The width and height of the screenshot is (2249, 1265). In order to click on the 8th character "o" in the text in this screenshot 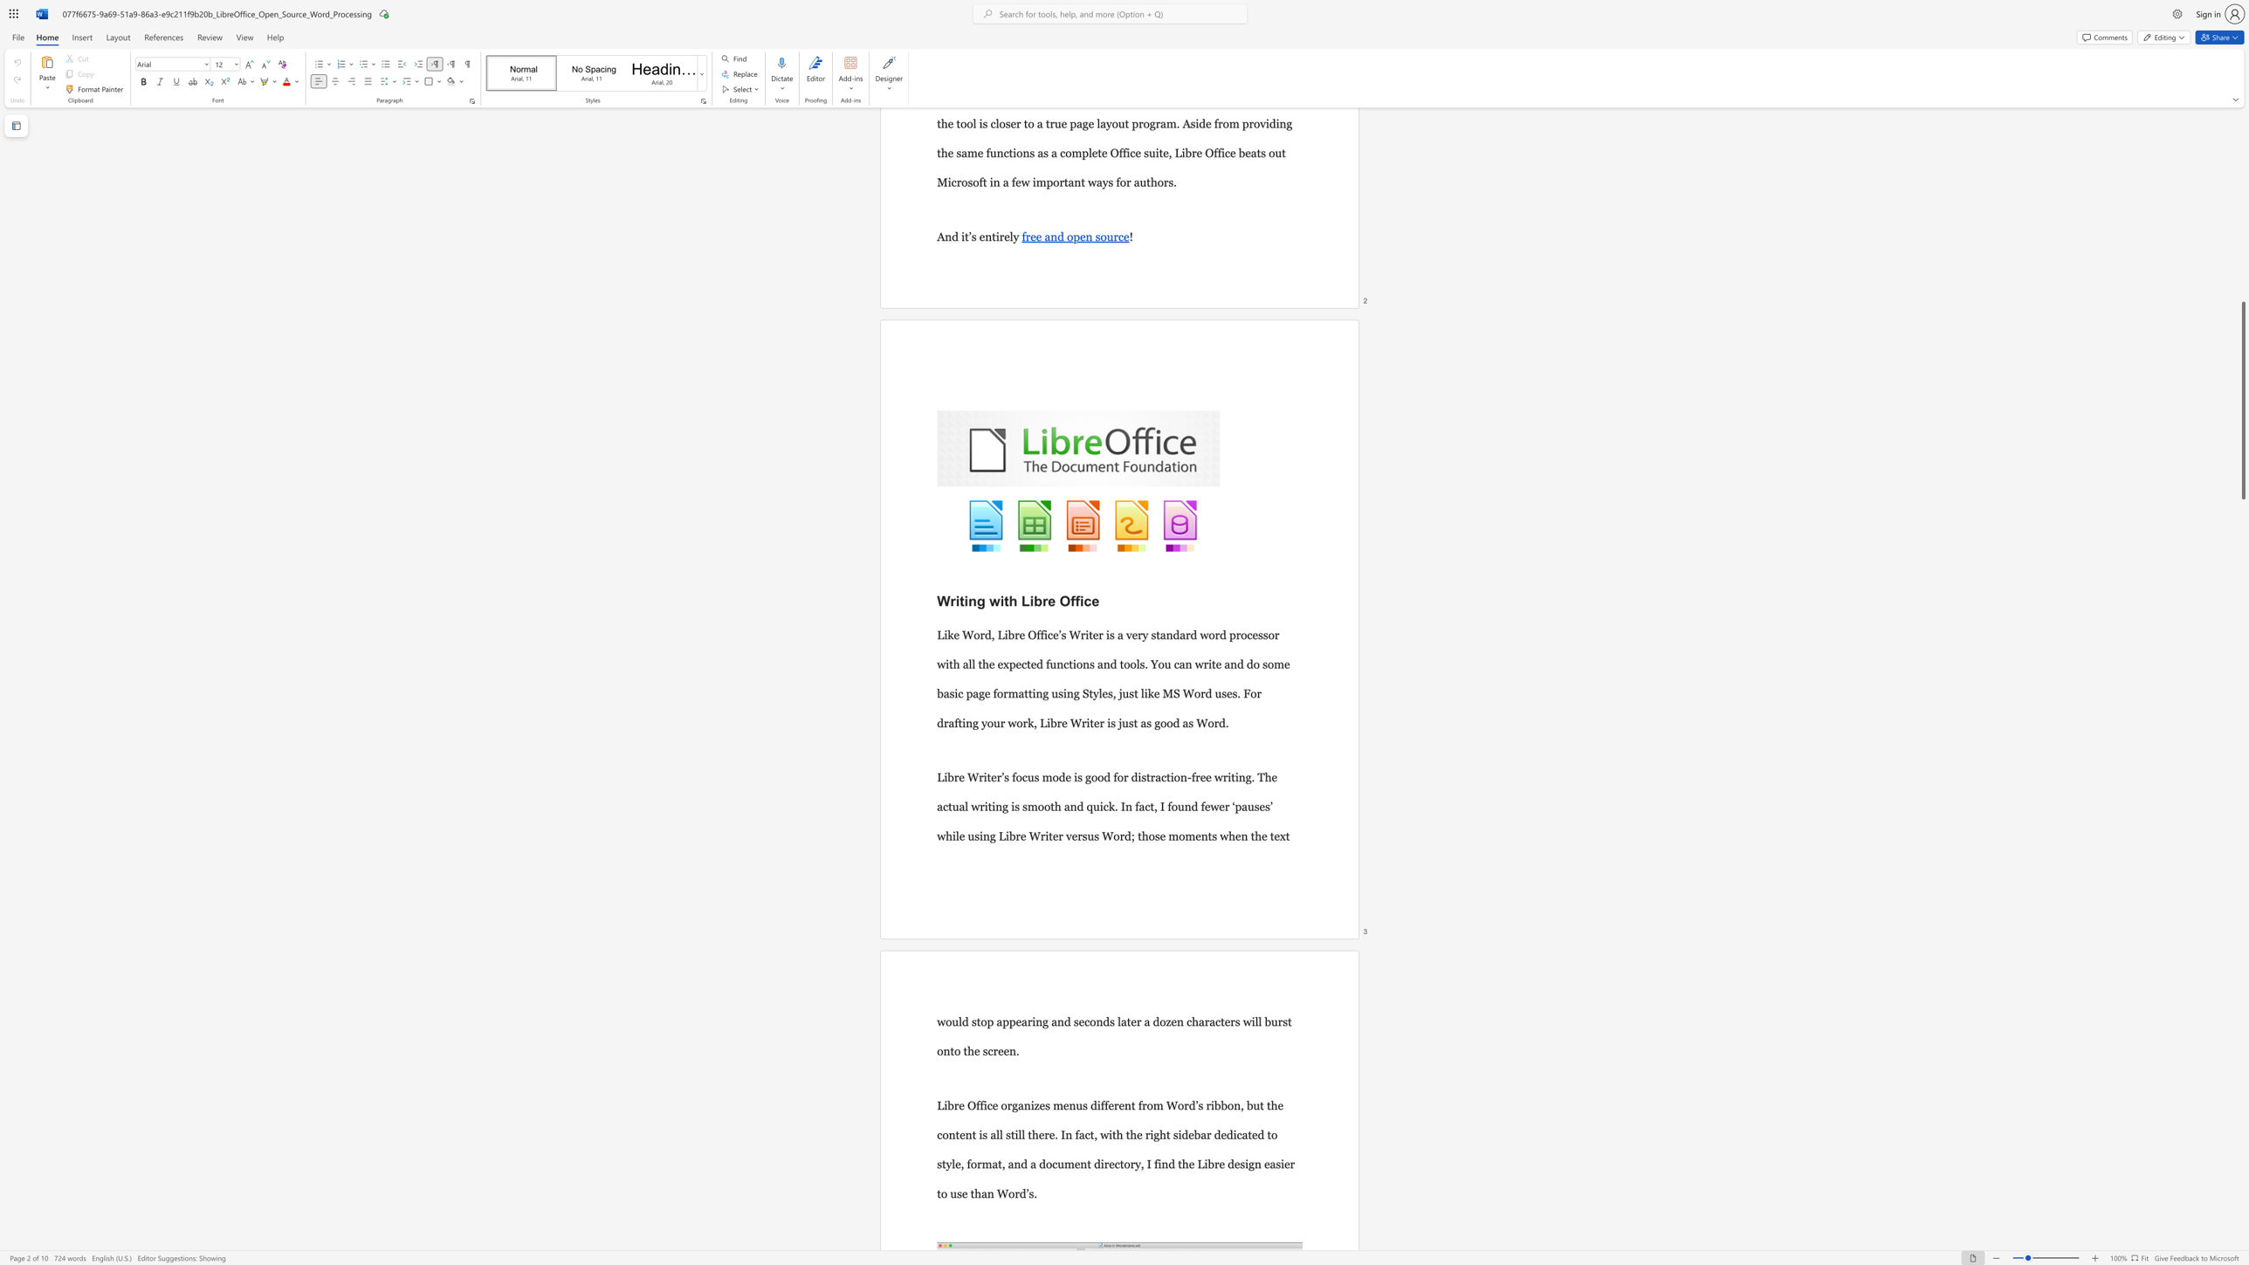, I will do `click(1049, 1164)`.